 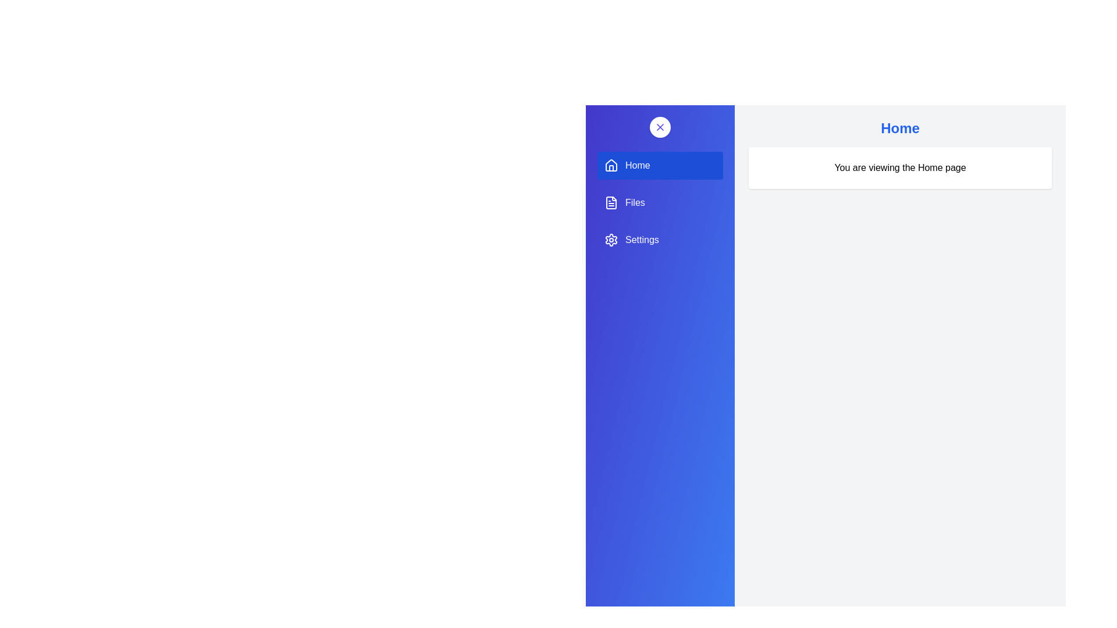 What do you see at coordinates (660, 202) in the screenshot?
I see `the menu item Files from the navigation drawer` at bounding box center [660, 202].